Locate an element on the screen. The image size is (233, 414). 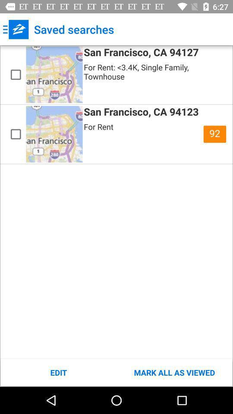
item next to saved searches is located at coordinates (16, 29).